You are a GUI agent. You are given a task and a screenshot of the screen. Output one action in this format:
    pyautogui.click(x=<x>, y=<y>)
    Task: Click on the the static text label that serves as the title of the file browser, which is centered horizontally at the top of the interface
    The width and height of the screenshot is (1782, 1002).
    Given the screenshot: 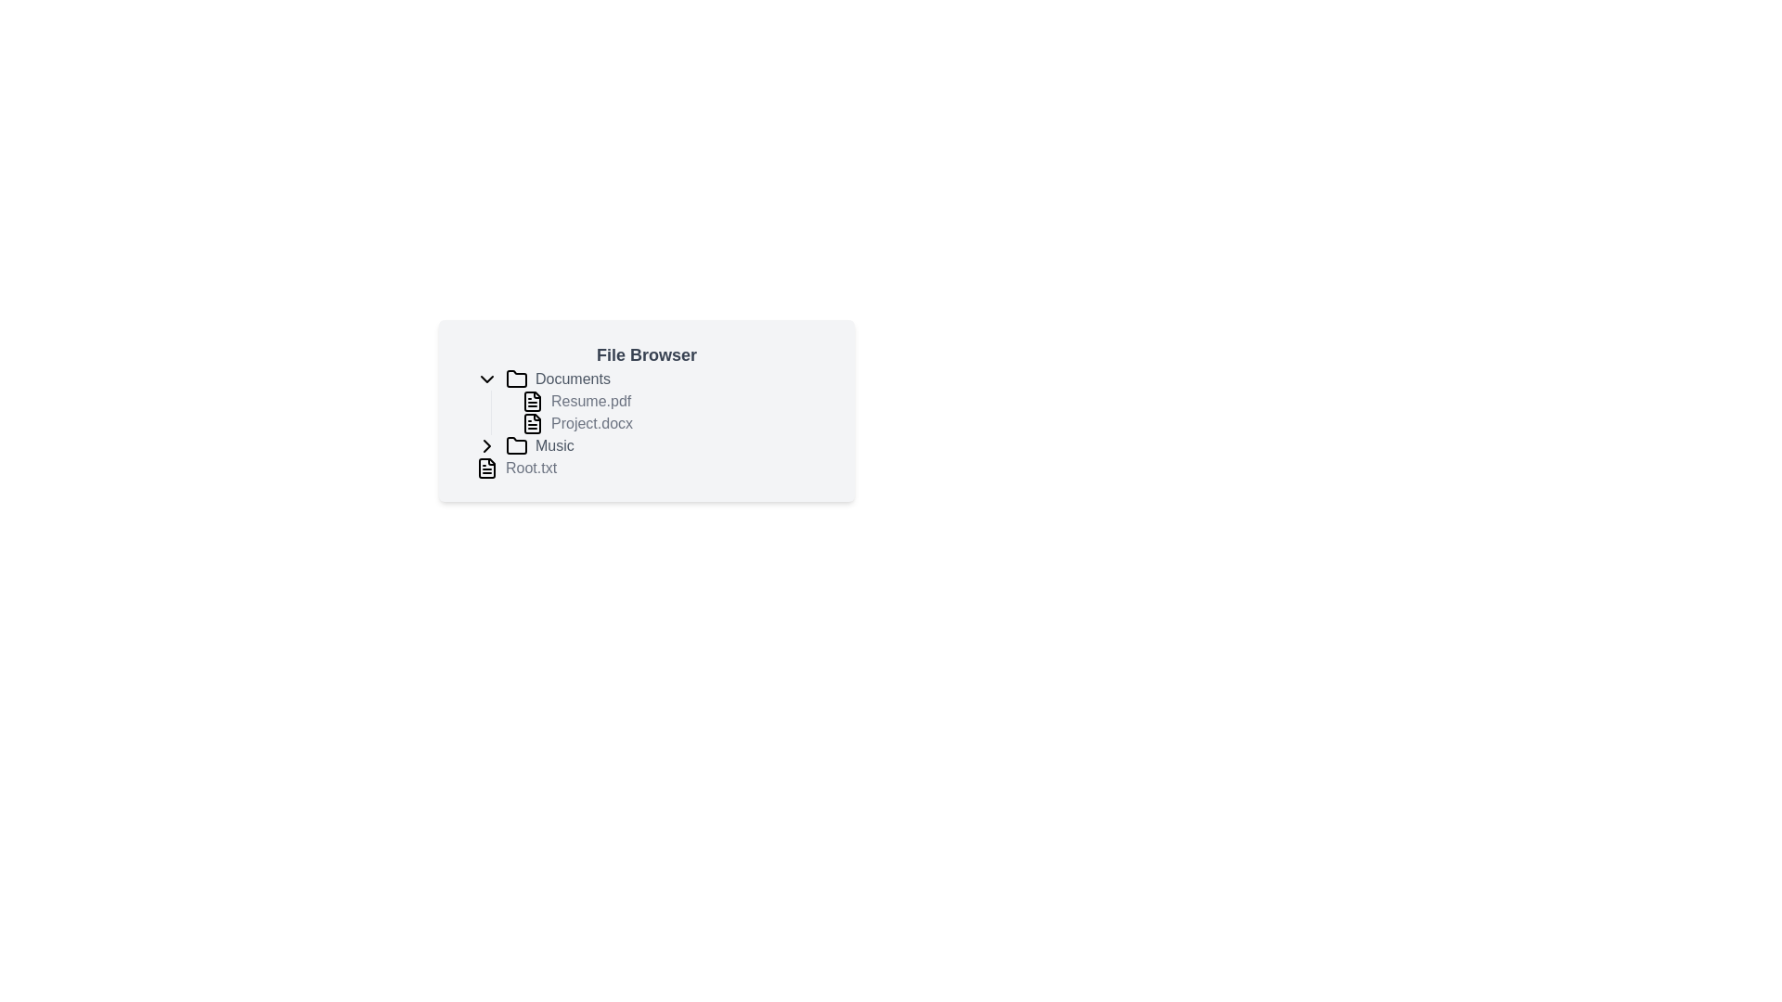 What is the action you would take?
    pyautogui.click(x=646, y=354)
    